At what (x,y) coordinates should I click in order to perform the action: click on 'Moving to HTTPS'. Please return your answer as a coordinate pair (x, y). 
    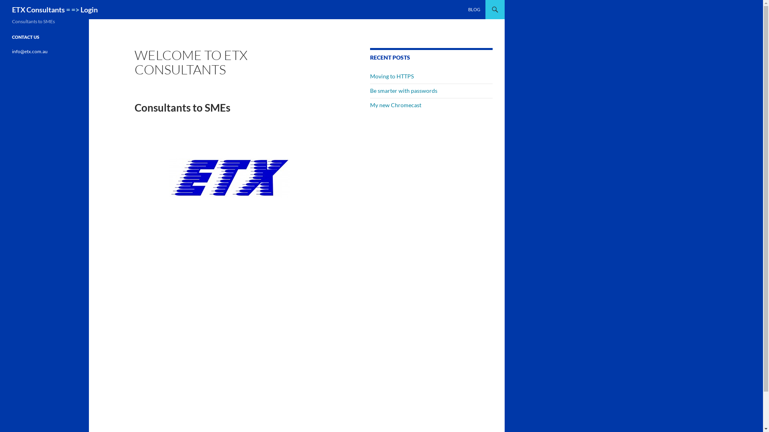
    Looking at the image, I should click on (392, 76).